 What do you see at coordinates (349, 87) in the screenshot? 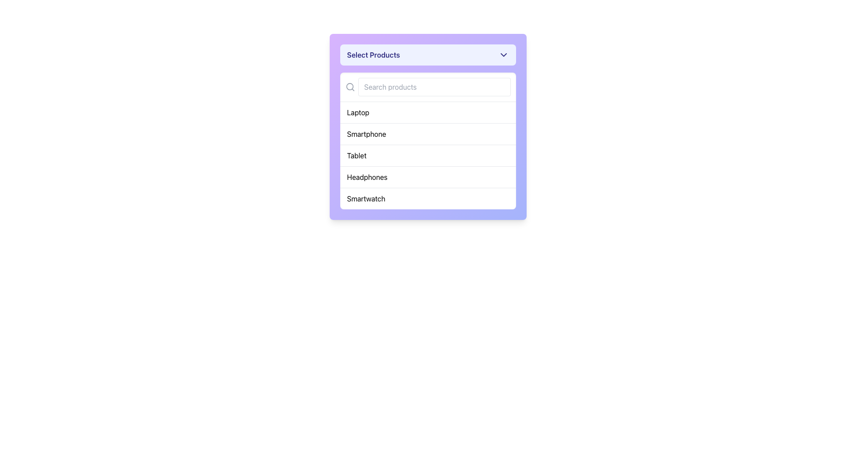
I see `the circular part of the magnifying glass icon located in the top-left corner of the search bar, which is used for search functionality` at bounding box center [349, 87].